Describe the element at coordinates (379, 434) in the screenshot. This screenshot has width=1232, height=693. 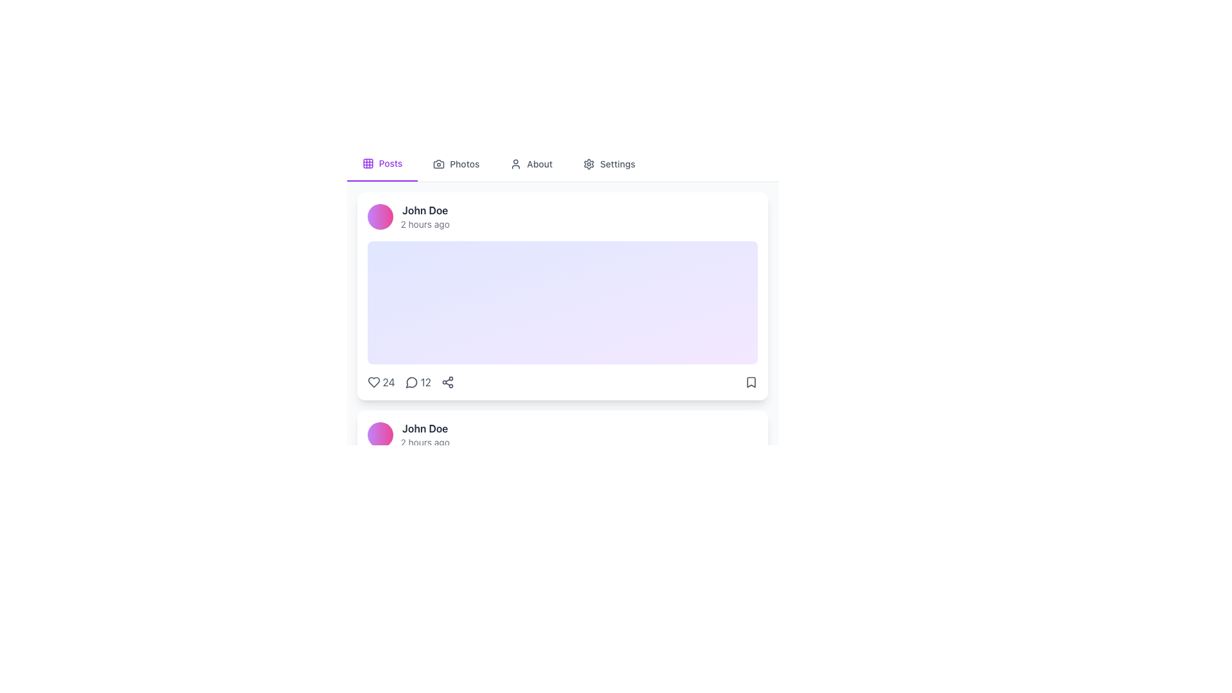
I see `the circular gradient Avatar element that transitions from purple to pink, located next to 'John Doe' and '2 hours ago'` at that location.